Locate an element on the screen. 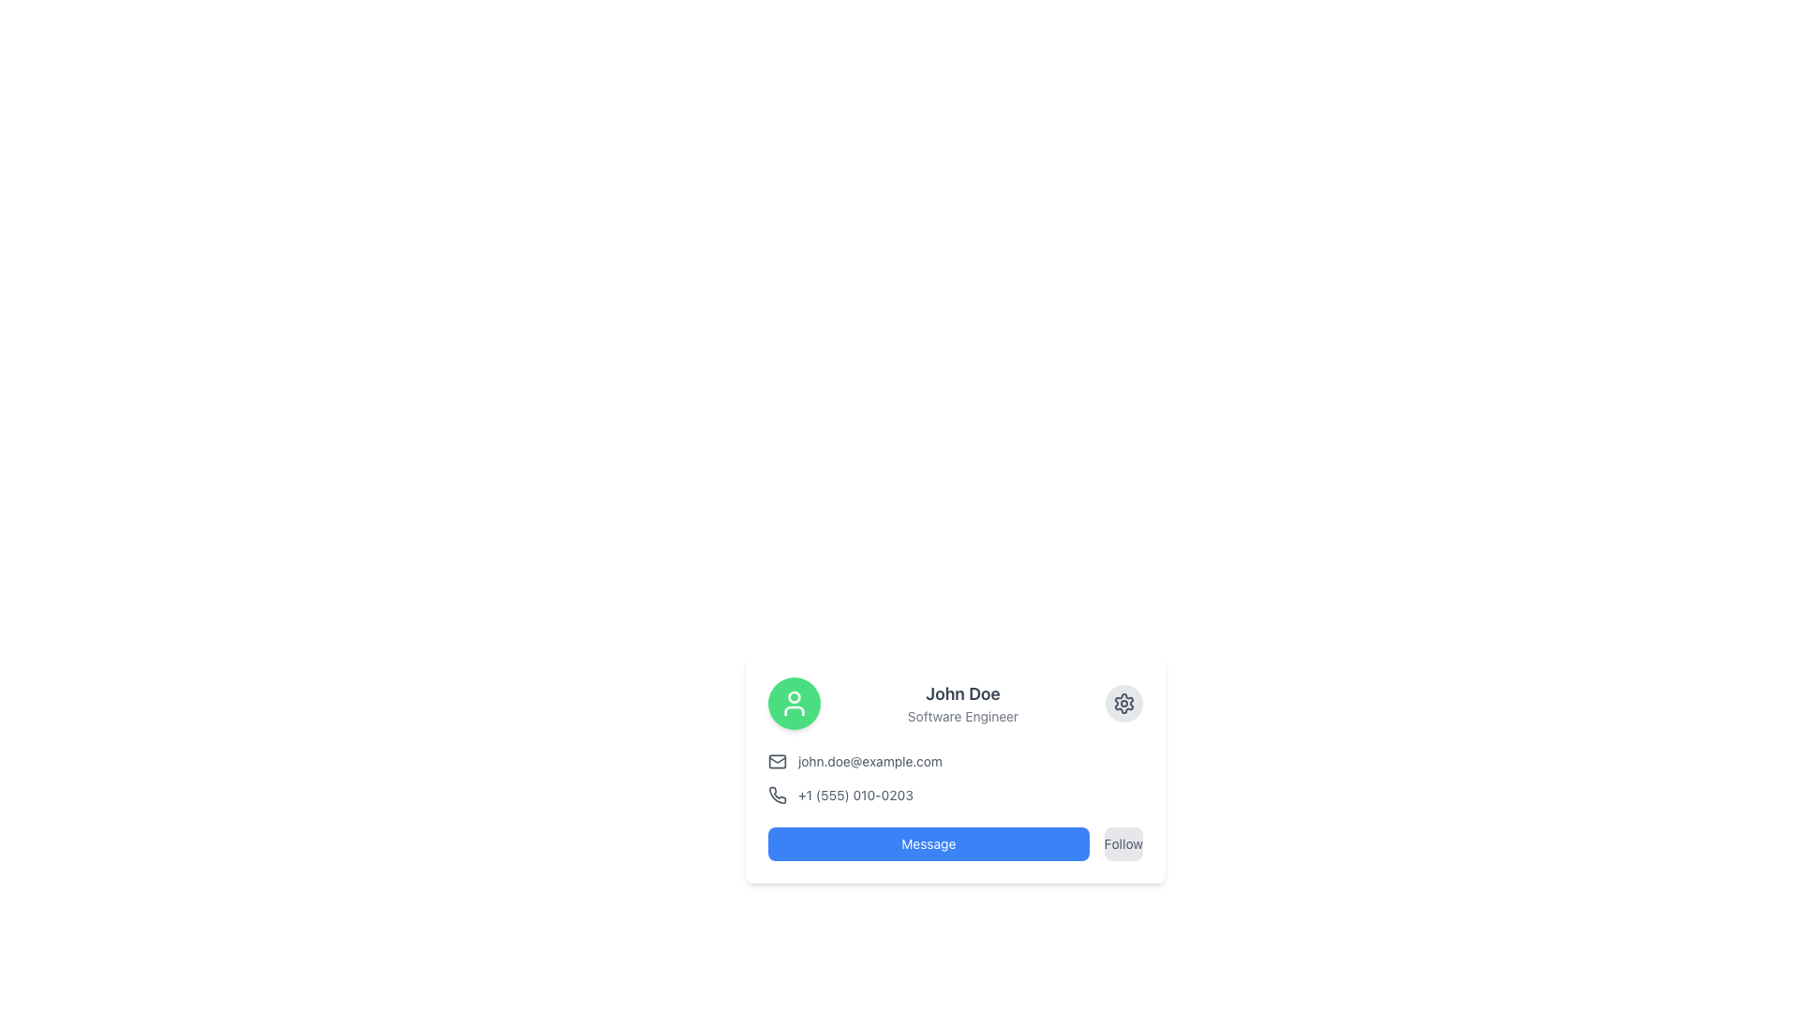 The image size is (1799, 1012). the text label that conveys the professional title or role of 'John Doe' in the profile card, which is centrally aligned beneath the name is located at coordinates (962, 716).